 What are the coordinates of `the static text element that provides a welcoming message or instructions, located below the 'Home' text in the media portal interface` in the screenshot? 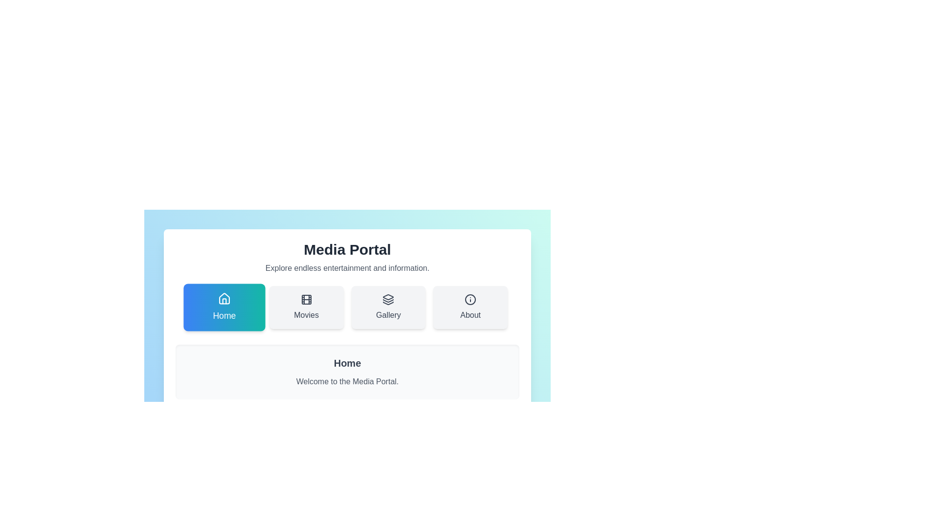 It's located at (347, 381).